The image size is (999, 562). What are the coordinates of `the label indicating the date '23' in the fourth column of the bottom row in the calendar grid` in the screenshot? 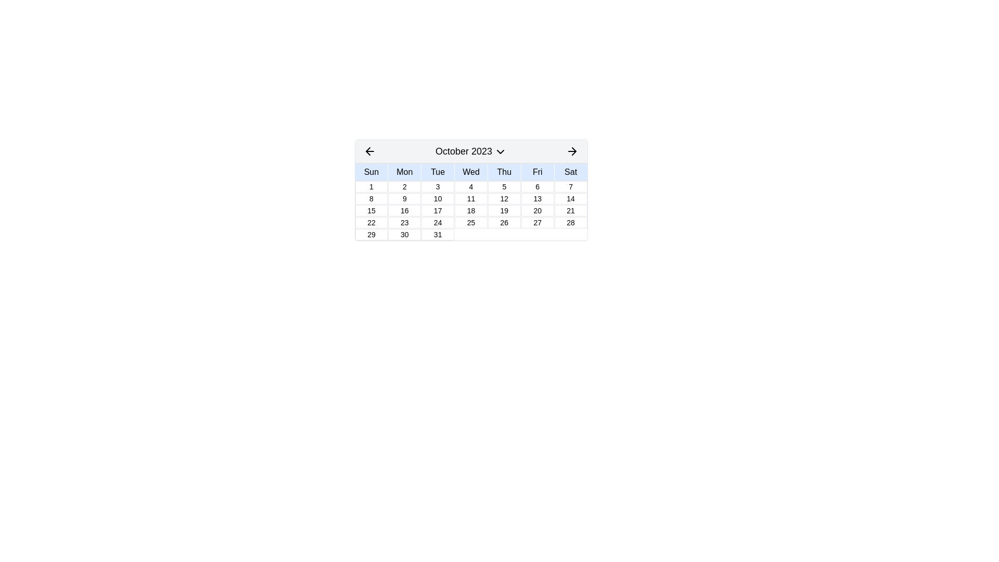 It's located at (404, 222).